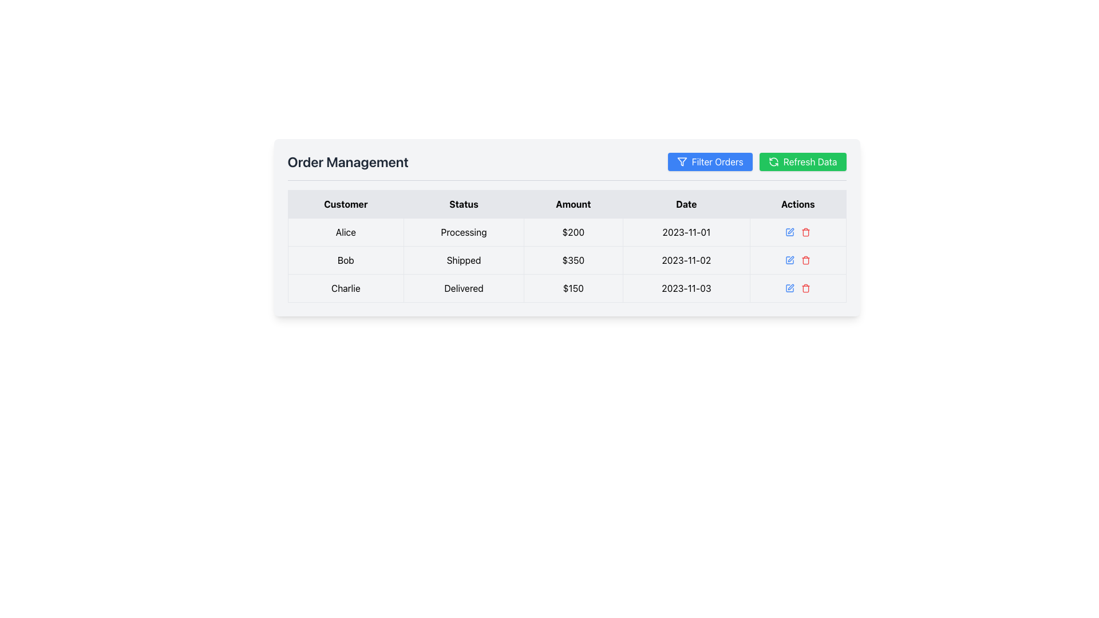  Describe the element at coordinates (789, 260) in the screenshot. I see `the SVG icon element located in the 'Actions' column of the order management table for 'Bob', specifically targeting the first part of the icon` at that location.